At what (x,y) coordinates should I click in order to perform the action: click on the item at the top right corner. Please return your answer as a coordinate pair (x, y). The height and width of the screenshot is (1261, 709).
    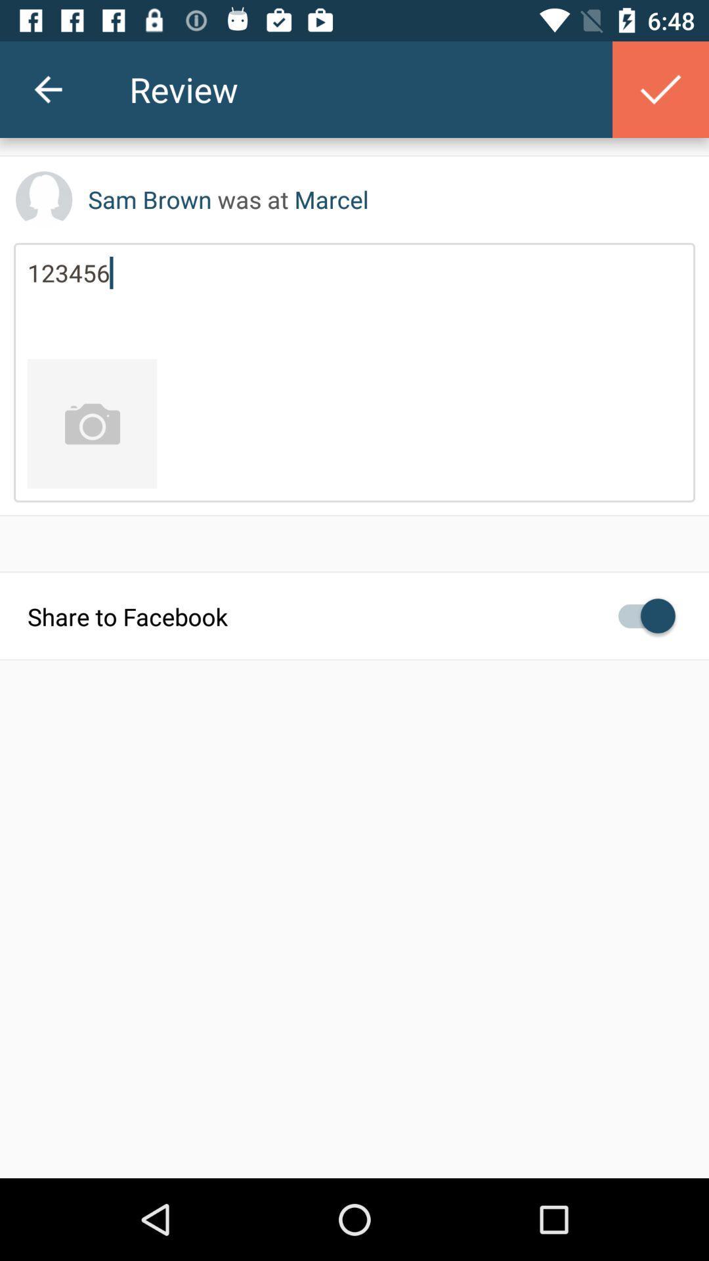
    Looking at the image, I should click on (660, 89).